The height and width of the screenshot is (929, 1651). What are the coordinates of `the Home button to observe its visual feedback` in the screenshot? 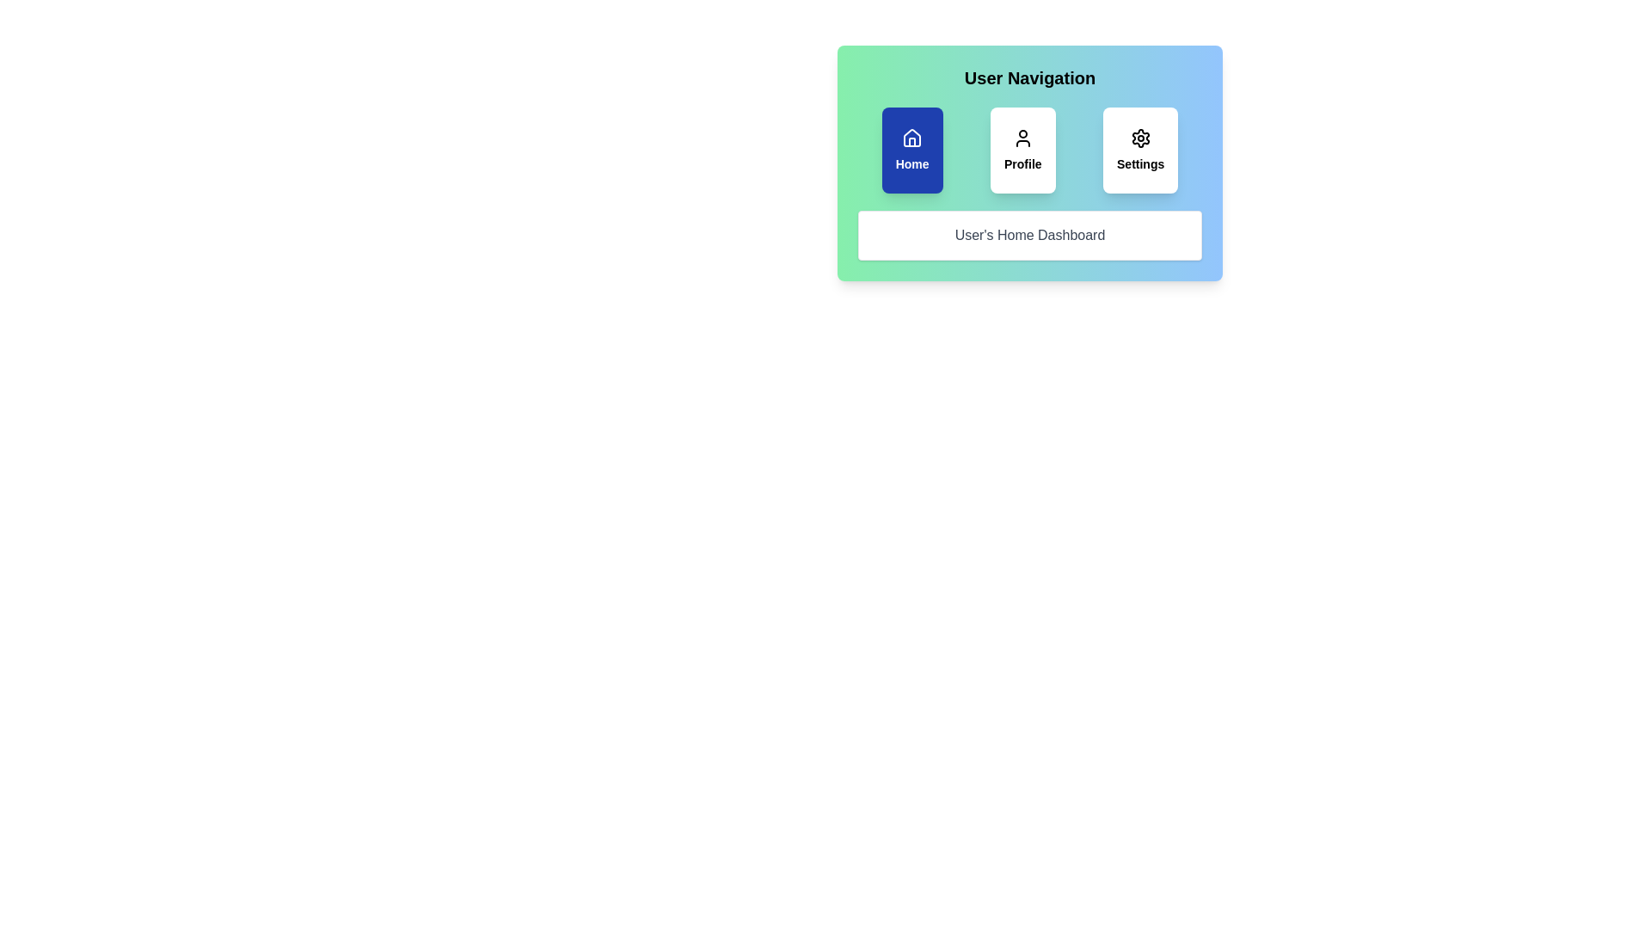 It's located at (911, 149).